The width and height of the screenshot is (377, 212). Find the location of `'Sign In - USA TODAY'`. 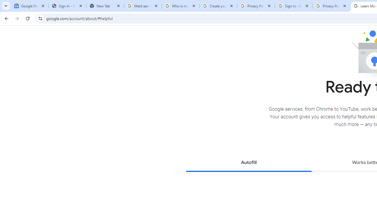

'Sign In - USA TODAY' is located at coordinates (67, 6).